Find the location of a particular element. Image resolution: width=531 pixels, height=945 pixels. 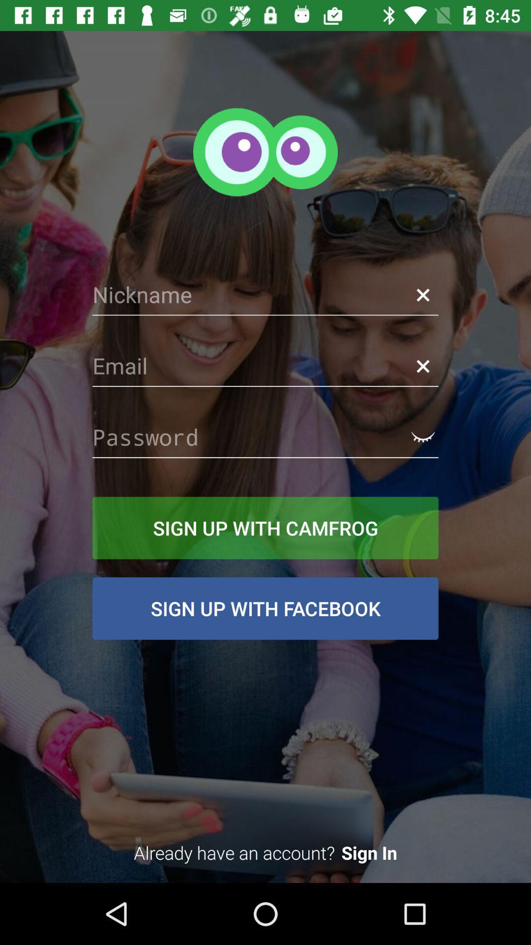

the close icon is located at coordinates (422, 366).